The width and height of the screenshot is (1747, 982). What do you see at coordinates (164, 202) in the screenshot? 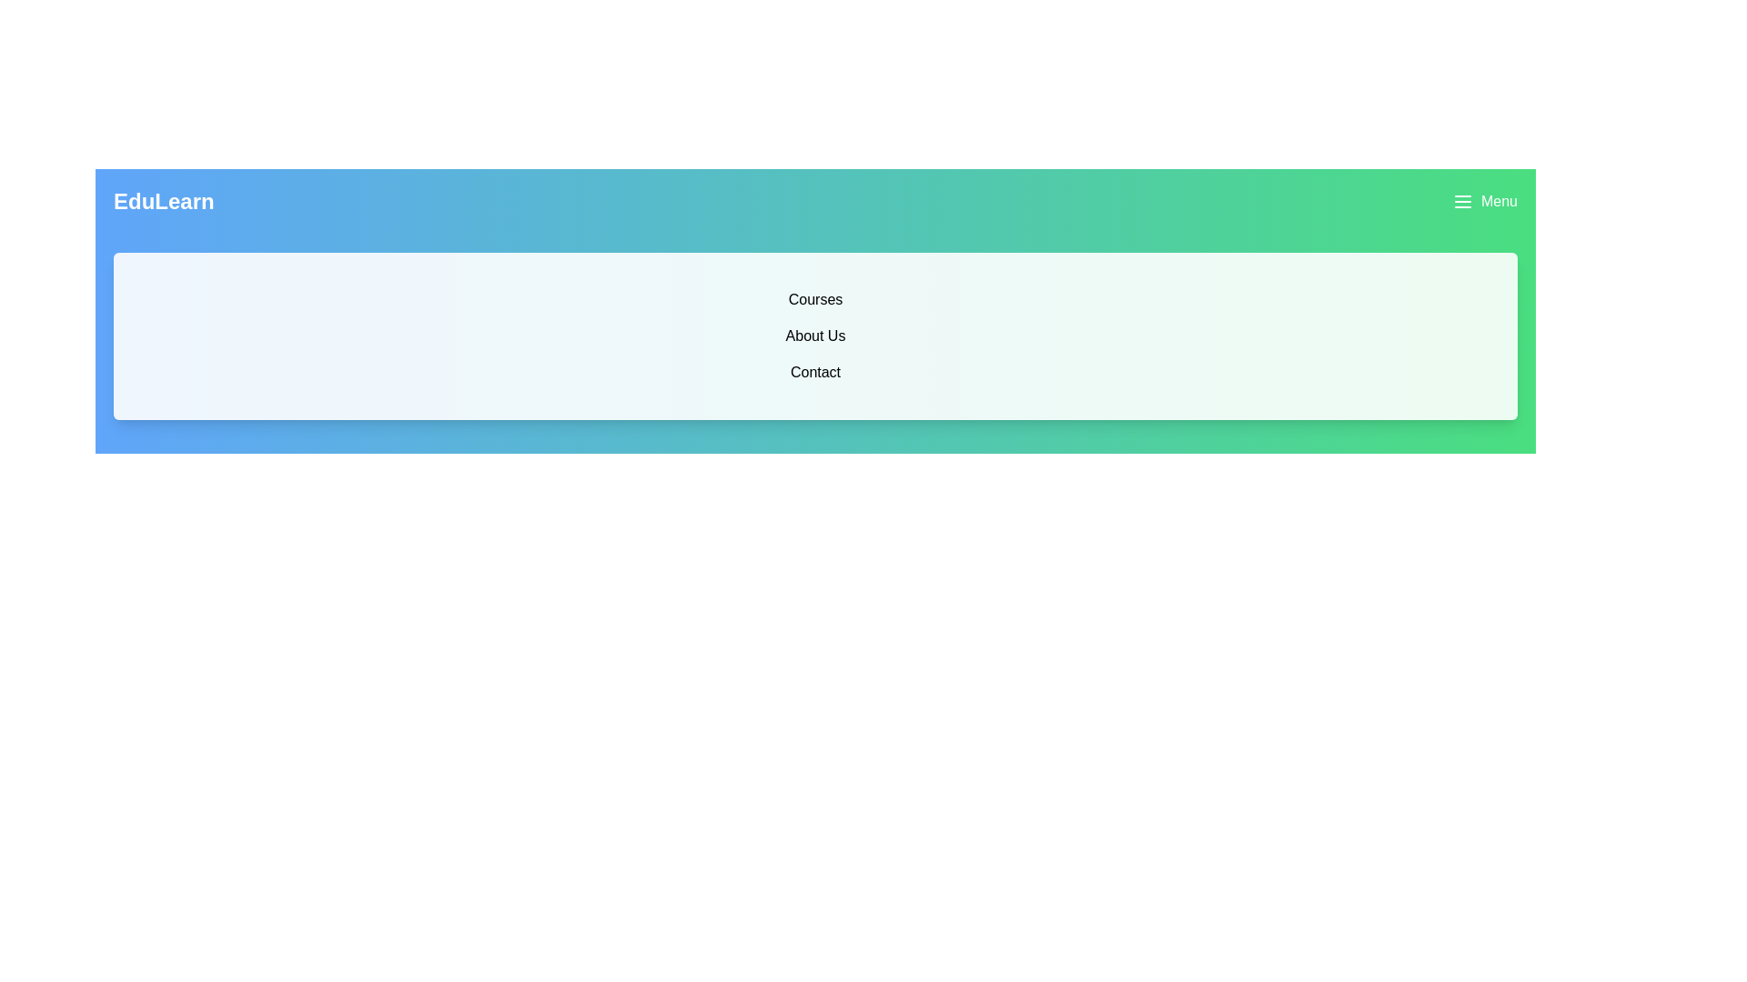
I see `the 'EduLearn' header or logo element, which displays the text in bold white font on a gradient background` at bounding box center [164, 202].